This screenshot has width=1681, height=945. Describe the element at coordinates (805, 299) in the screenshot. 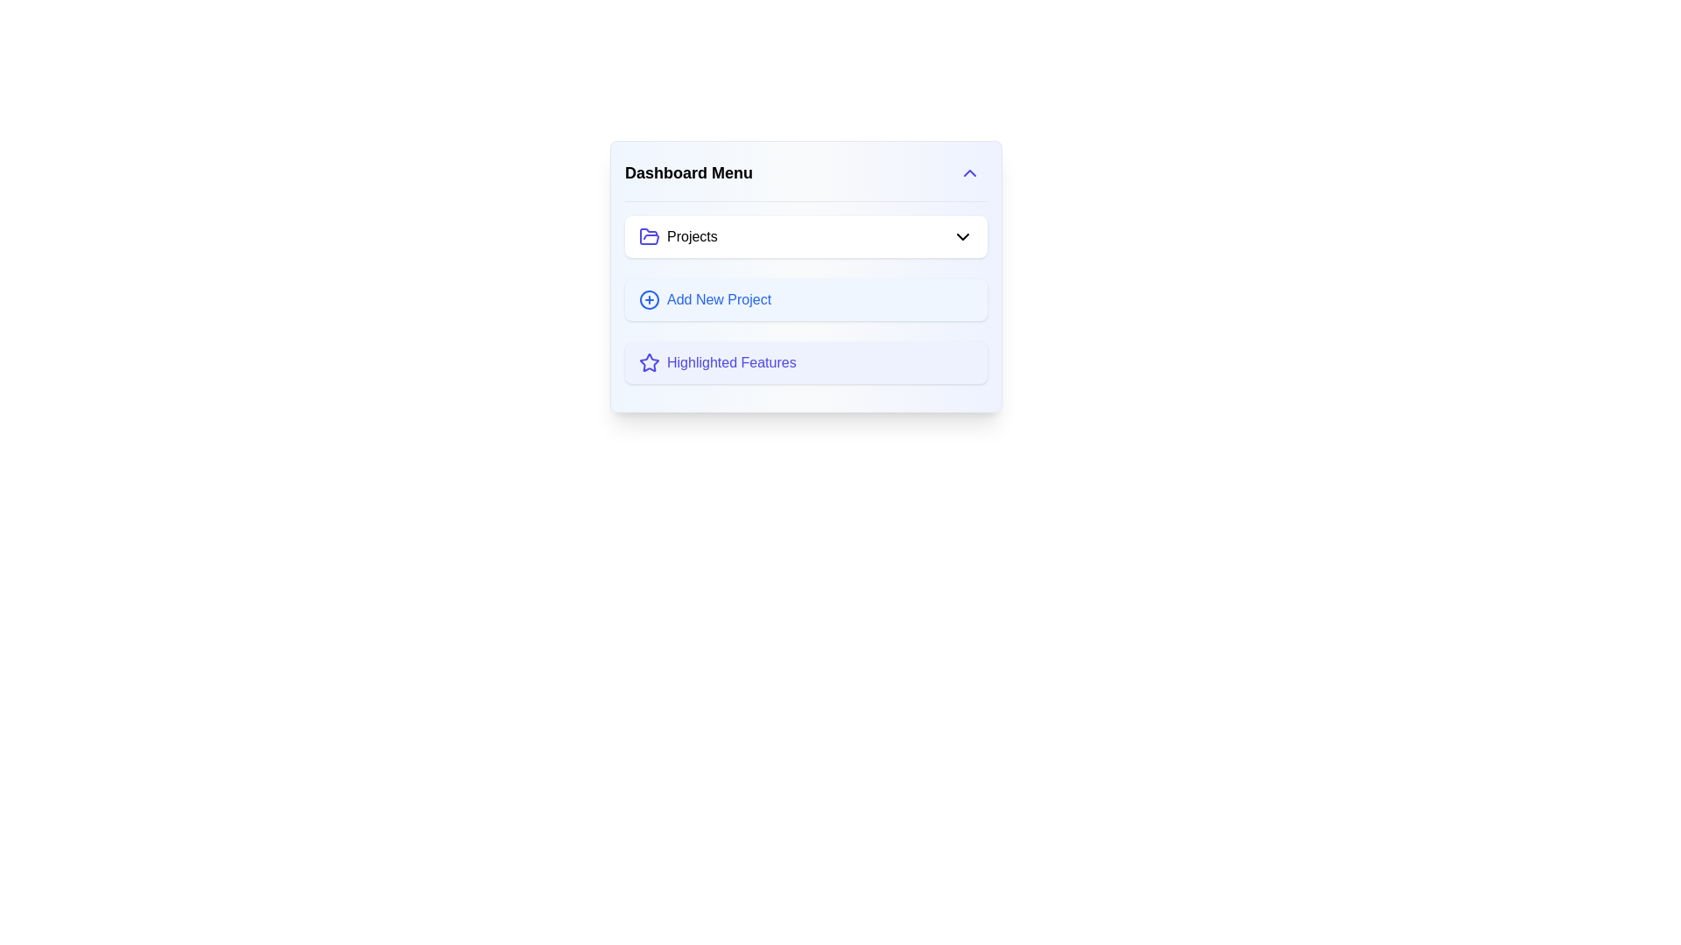

I see `the second button in the 'Dashboard Menu' to initiate adding a new project` at that location.